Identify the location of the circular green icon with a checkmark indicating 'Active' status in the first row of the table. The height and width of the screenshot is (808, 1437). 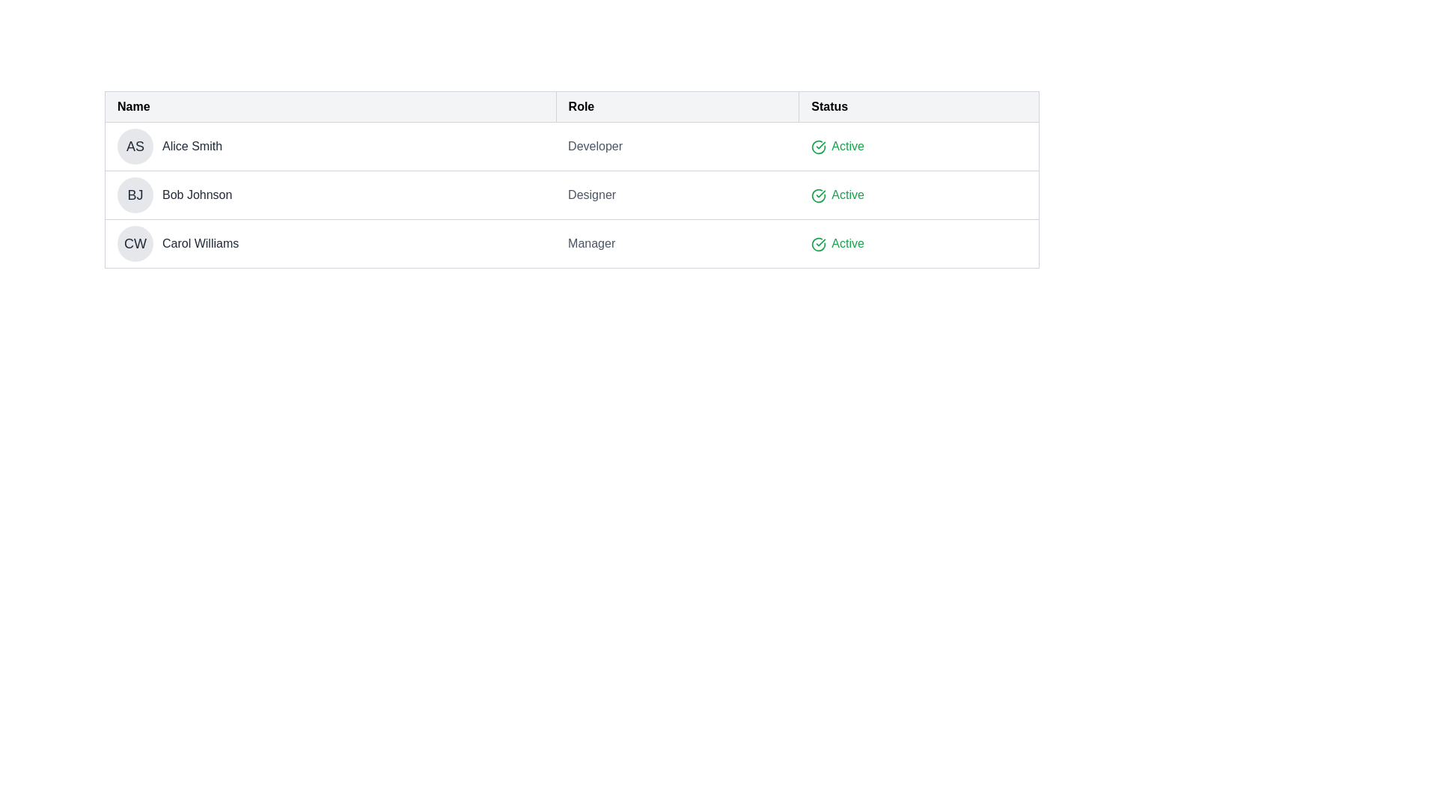
(817, 243).